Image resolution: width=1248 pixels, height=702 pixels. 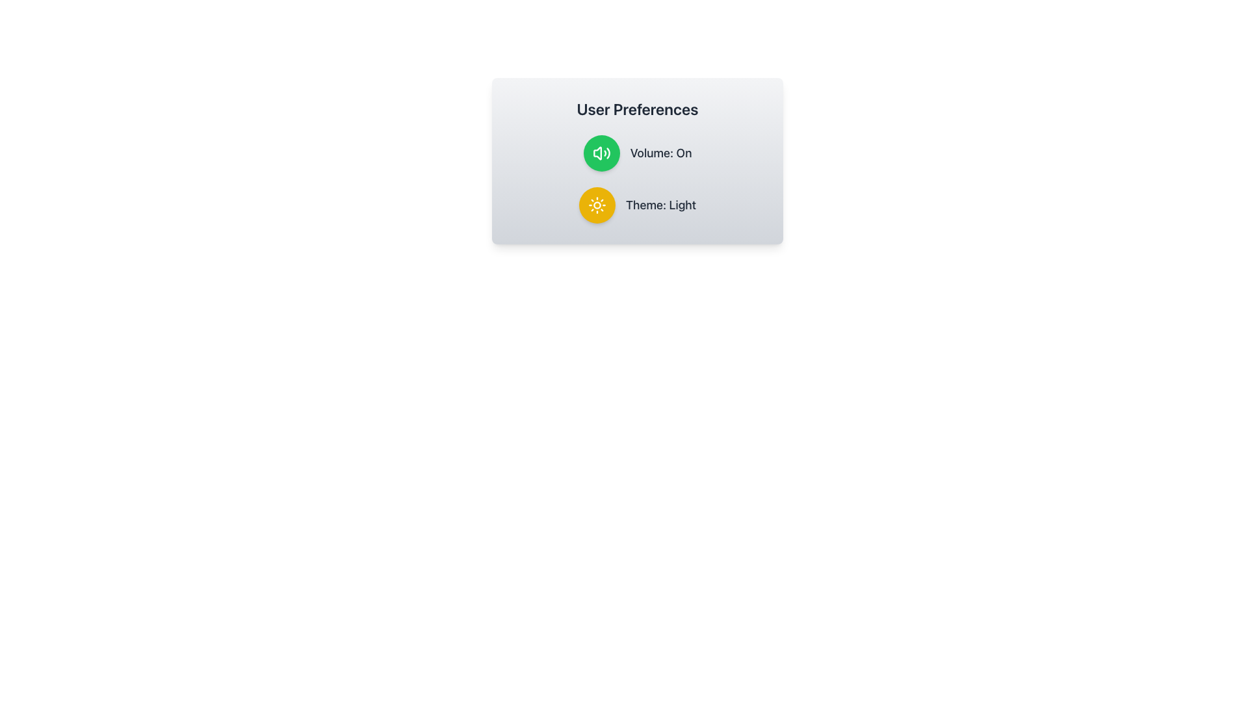 I want to click on the circular button with a yellow background and a white sun icon in the 'User Preferences' section to highlight it, so click(x=596, y=205).